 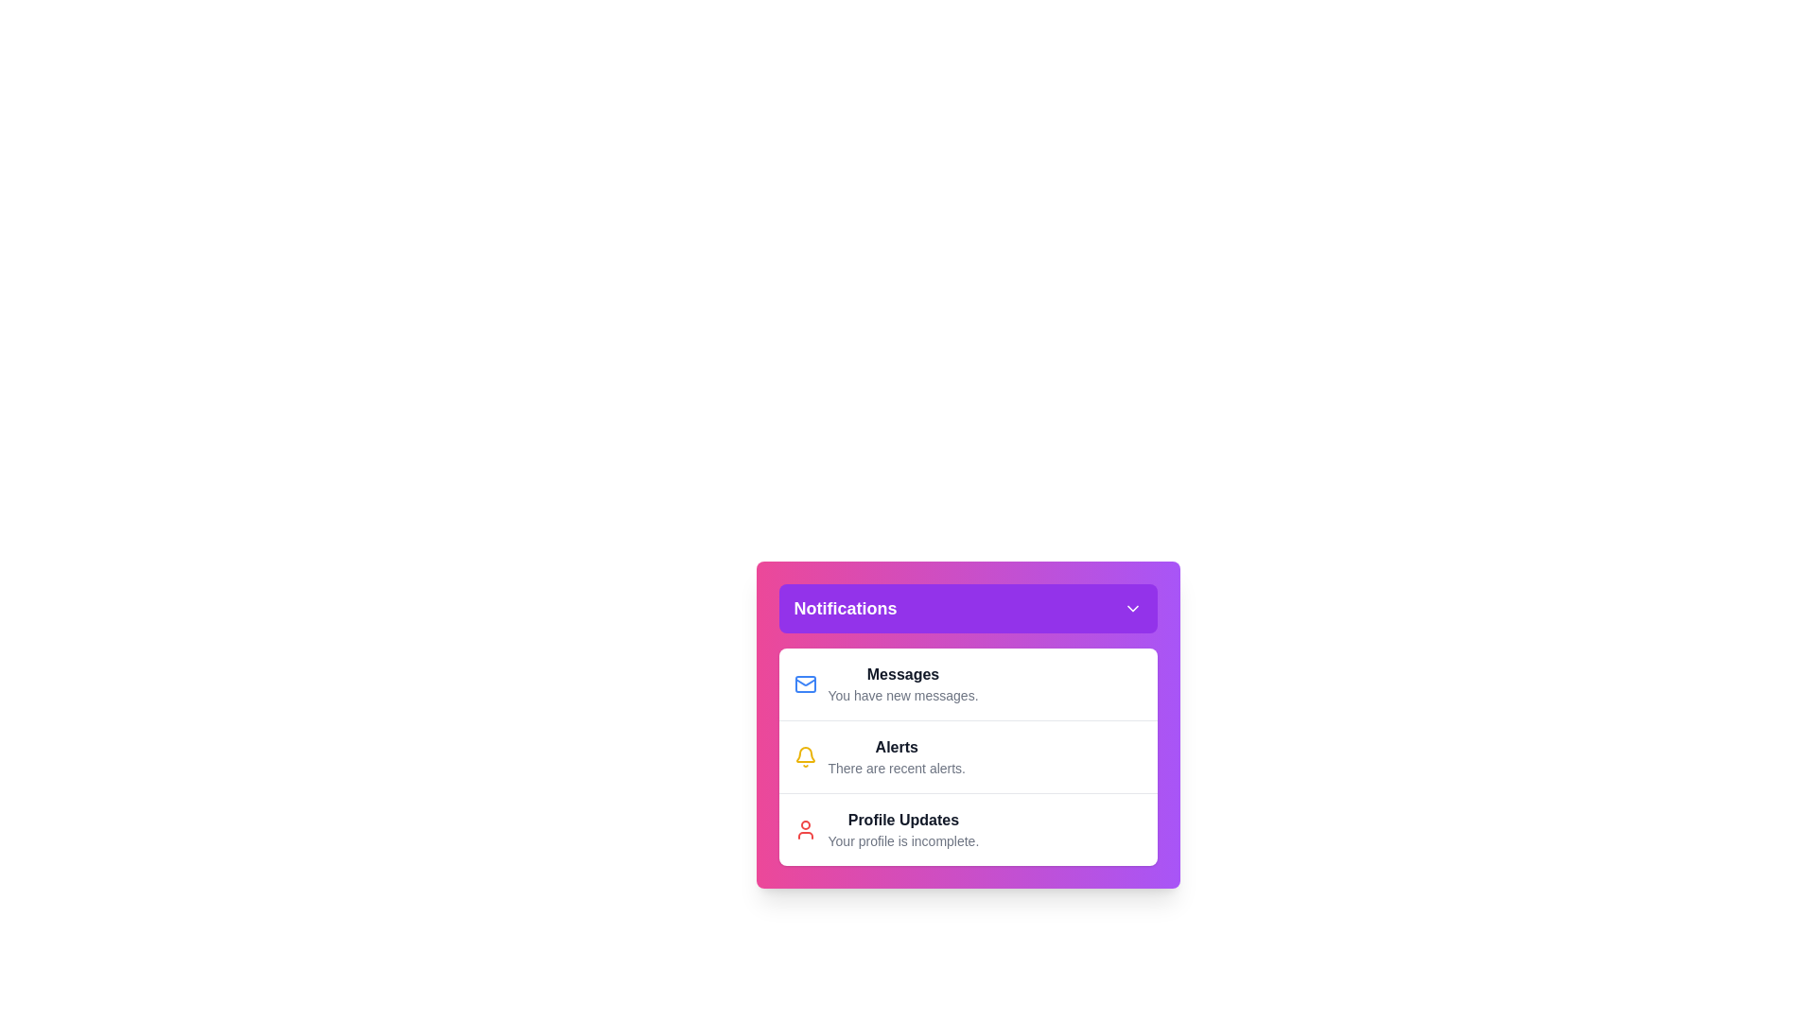 What do you see at coordinates (902, 696) in the screenshot?
I see `the informative text that says 'You have new messages.' located below the bold title 'Messages' in the notification card` at bounding box center [902, 696].